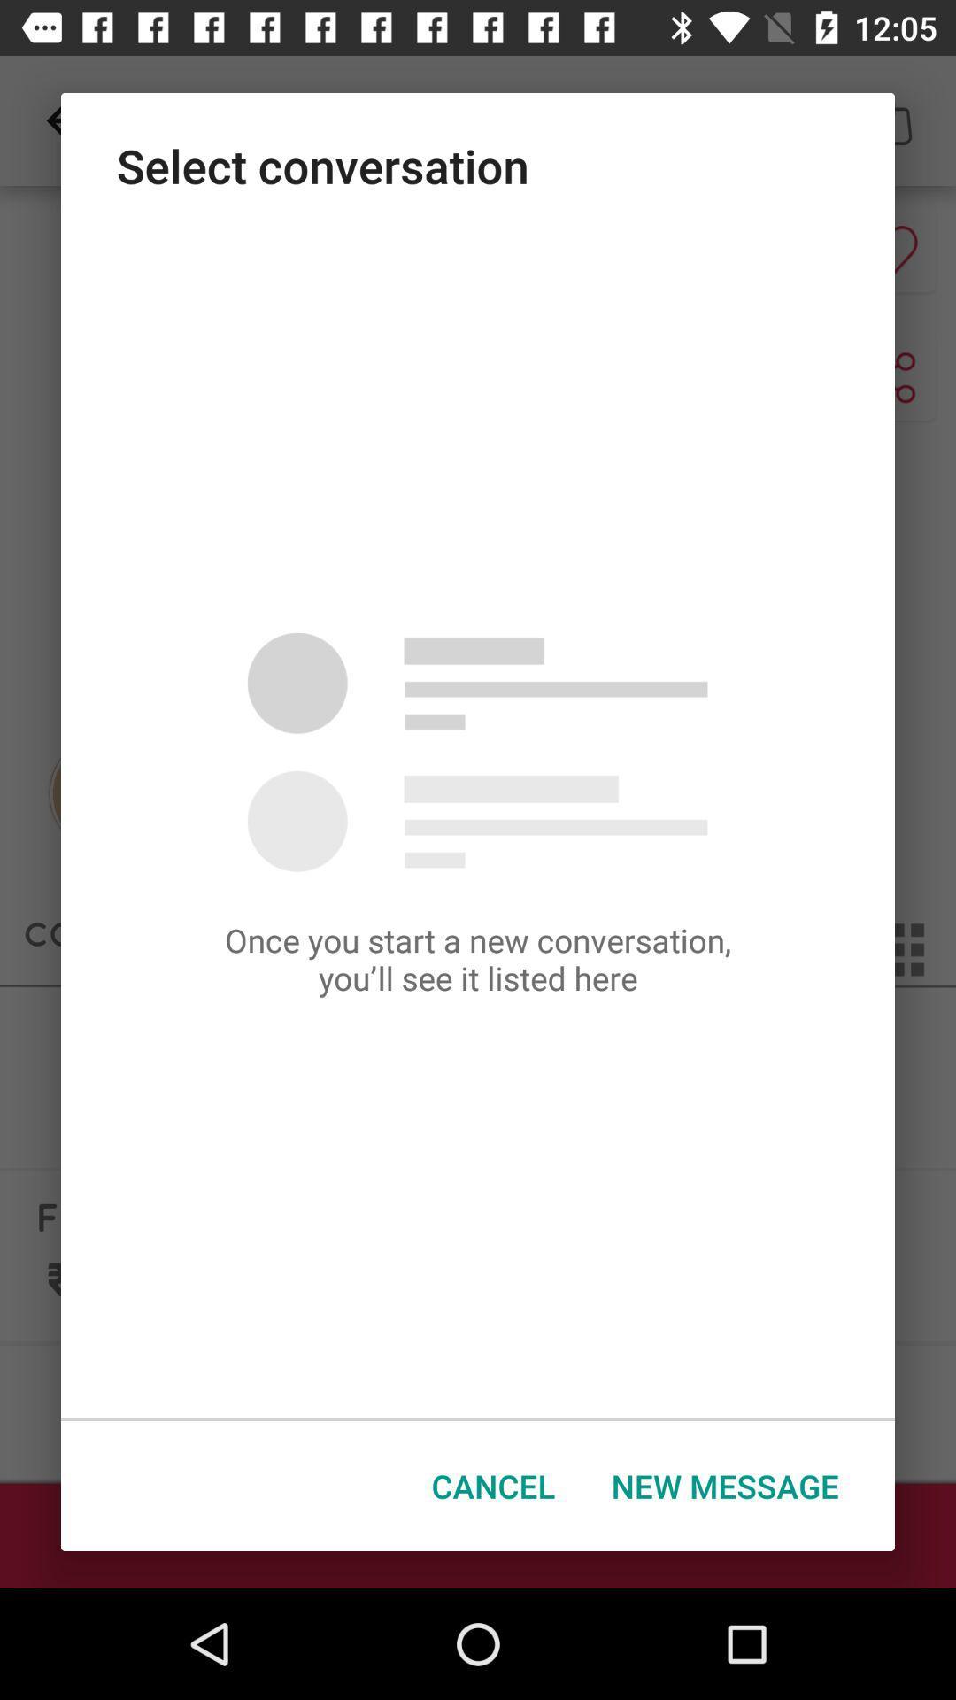 The image size is (956, 1700). What do you see at coordinates (725, 1486) in the screenshot?
I see `the button to the right of the cancel` at bounding box center [725, 1486].